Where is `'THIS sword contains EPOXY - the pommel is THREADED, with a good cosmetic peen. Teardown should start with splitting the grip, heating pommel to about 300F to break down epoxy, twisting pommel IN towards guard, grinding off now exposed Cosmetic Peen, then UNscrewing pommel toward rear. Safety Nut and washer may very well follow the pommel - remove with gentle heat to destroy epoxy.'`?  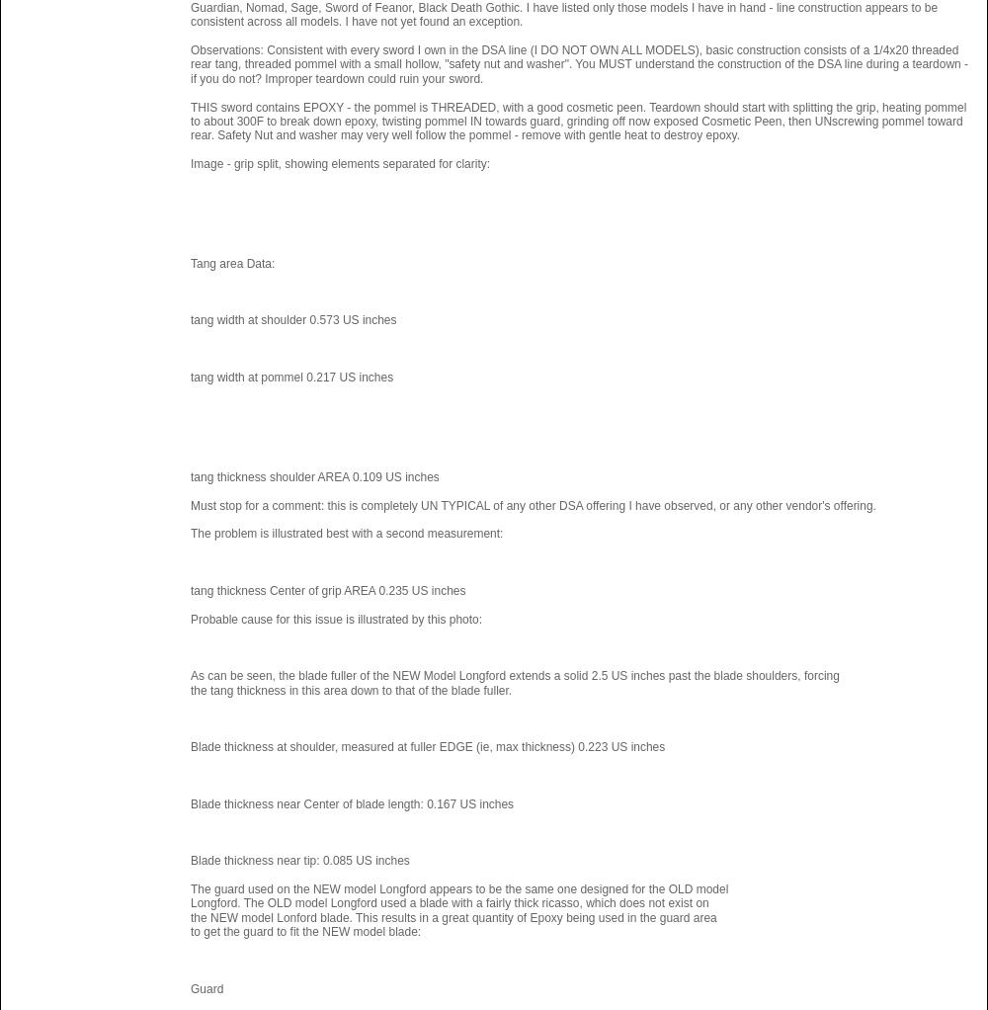 'THIS sword contains EPOXY - the pommel is THREADED, with a good cosmetic peen. Teardown should start with splitting the grip, heating pommel to about 300F to break down epoxy, twisting pommel IN towards guard, grinding off now exposed Cosmetic Peen, then UNscrewing pommel toward rear. Safety Nut and washer may very well follow the pommel - remove with gentle heat to destroy epoxy.' is located at coordinates (577, 121).